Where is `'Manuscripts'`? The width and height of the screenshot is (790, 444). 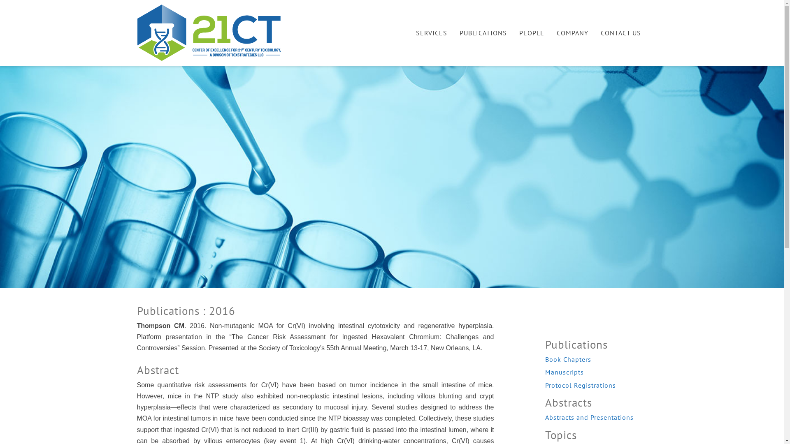
'Manuscripts' is located at coordinates (596, 372).